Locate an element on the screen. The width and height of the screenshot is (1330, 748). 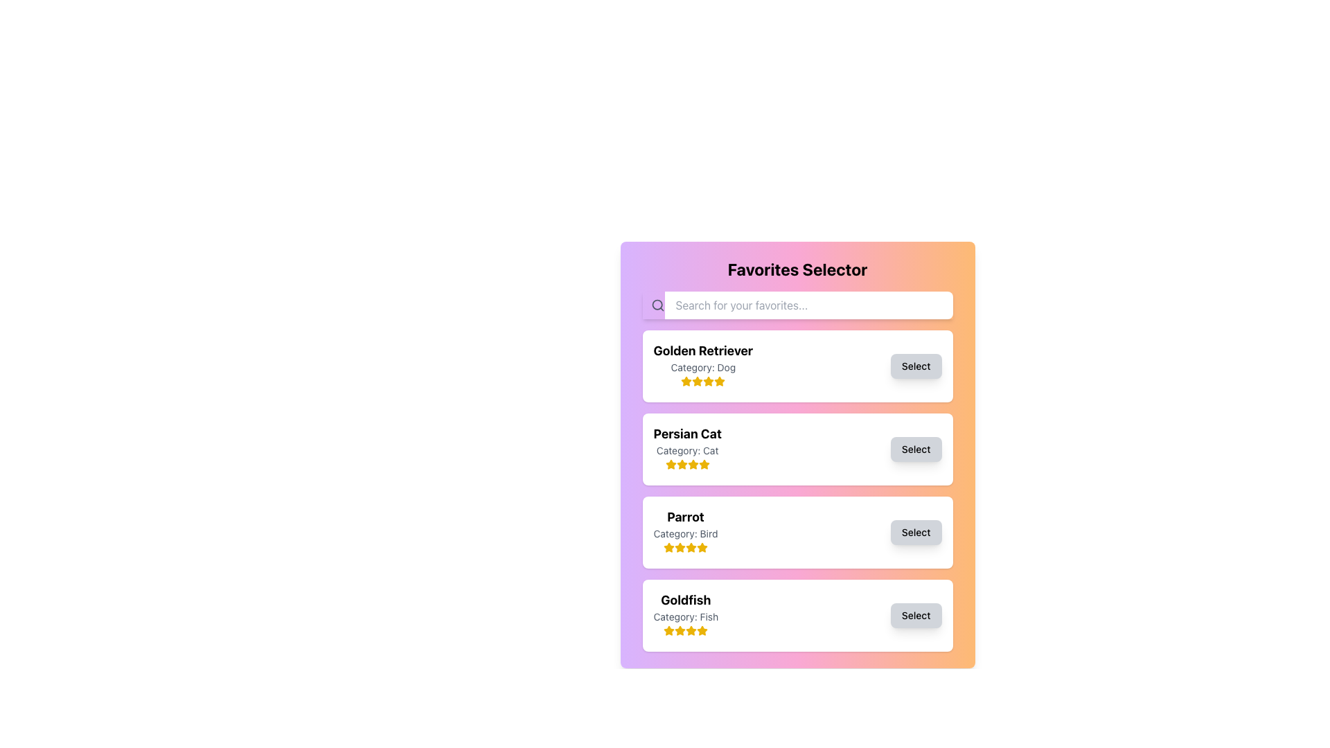
text from the Text Label located at the top of the first item in the vertical list, which is above the text 'Category: Dog' is located at coordinates (703, 350).